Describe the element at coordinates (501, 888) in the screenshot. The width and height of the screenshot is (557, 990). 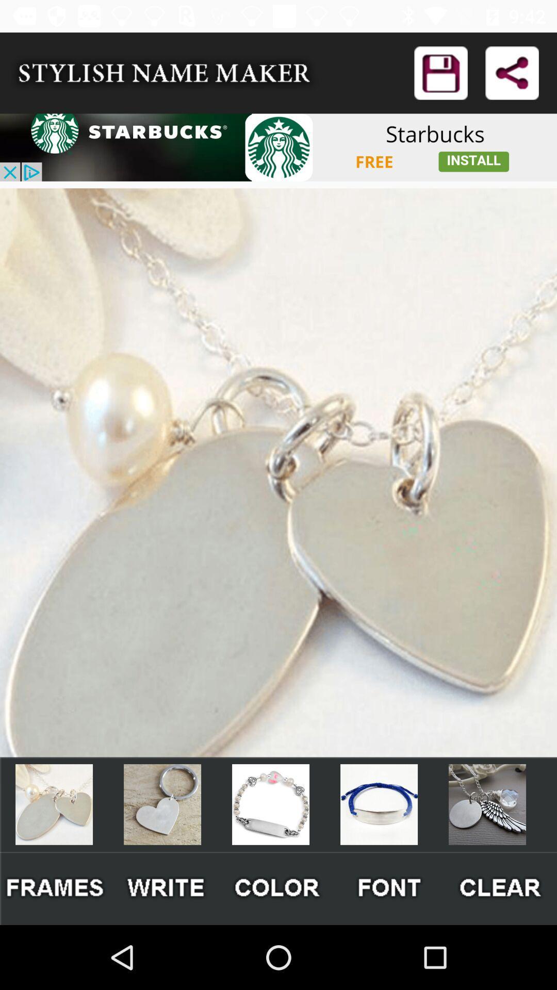
I see `clear style` at that location.